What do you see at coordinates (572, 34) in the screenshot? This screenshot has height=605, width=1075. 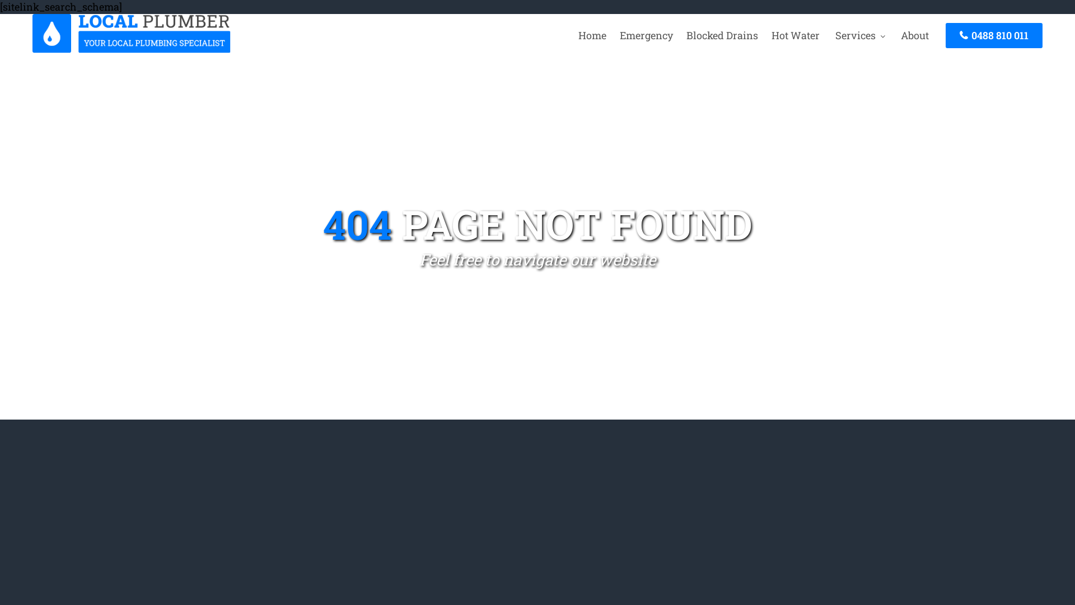 I see `'Home'` at bounding box center [572, 34].